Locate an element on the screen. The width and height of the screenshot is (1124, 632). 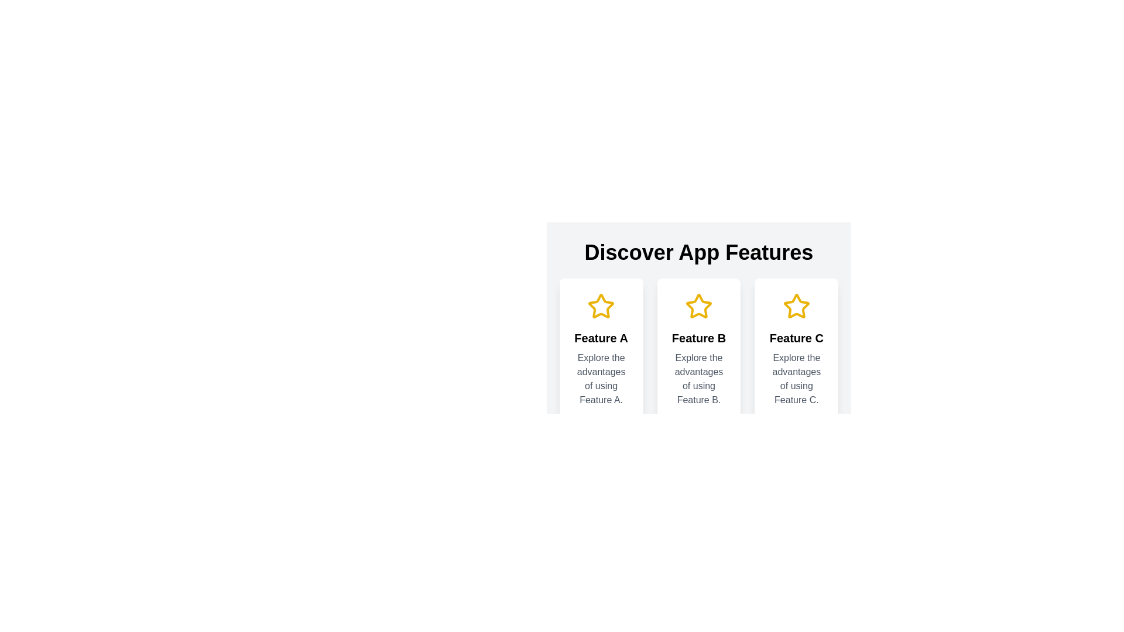
the Informational card introducing Feature C, which is the third card in a row of three cards located to the right of the 'Feature B' card and below the title 'Discover App Features.' is located at coordinates (796, 349).